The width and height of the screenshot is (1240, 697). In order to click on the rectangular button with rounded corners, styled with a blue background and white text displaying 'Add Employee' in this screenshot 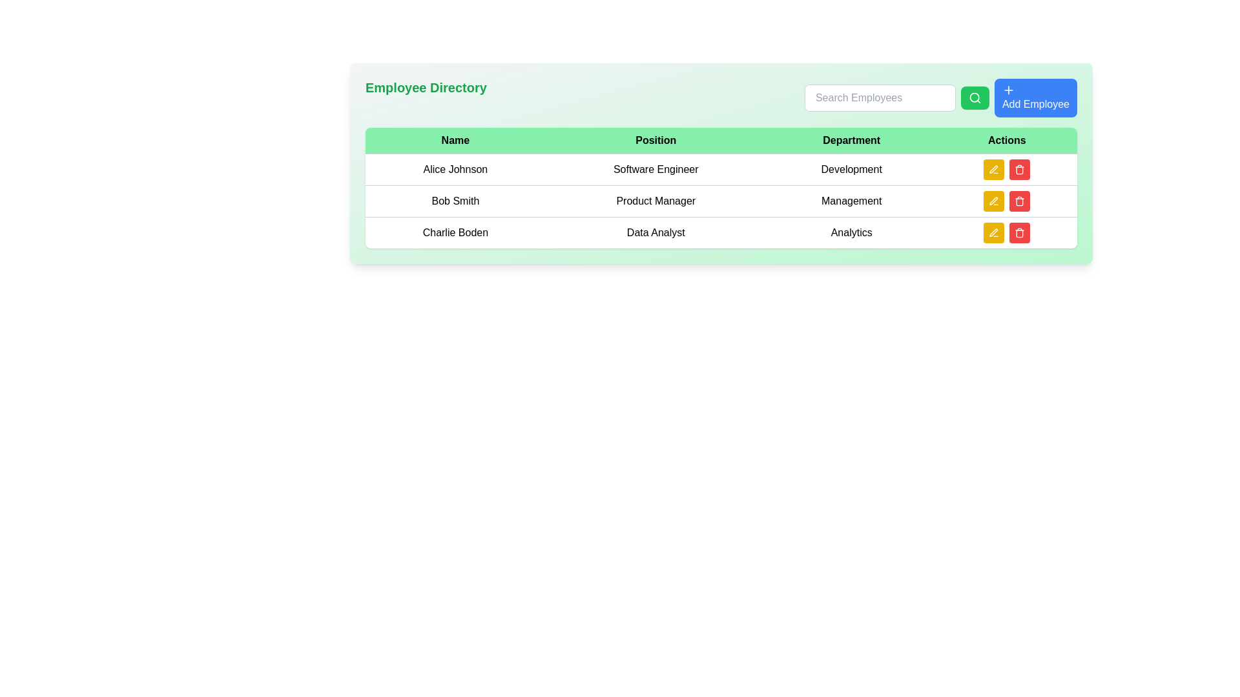, I will do `click(1035, 97)`.